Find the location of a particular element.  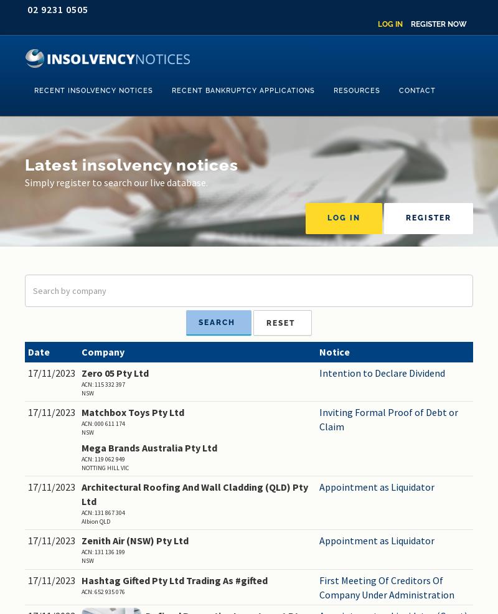

'Albion QLD' is located at coordinates (81, 521).